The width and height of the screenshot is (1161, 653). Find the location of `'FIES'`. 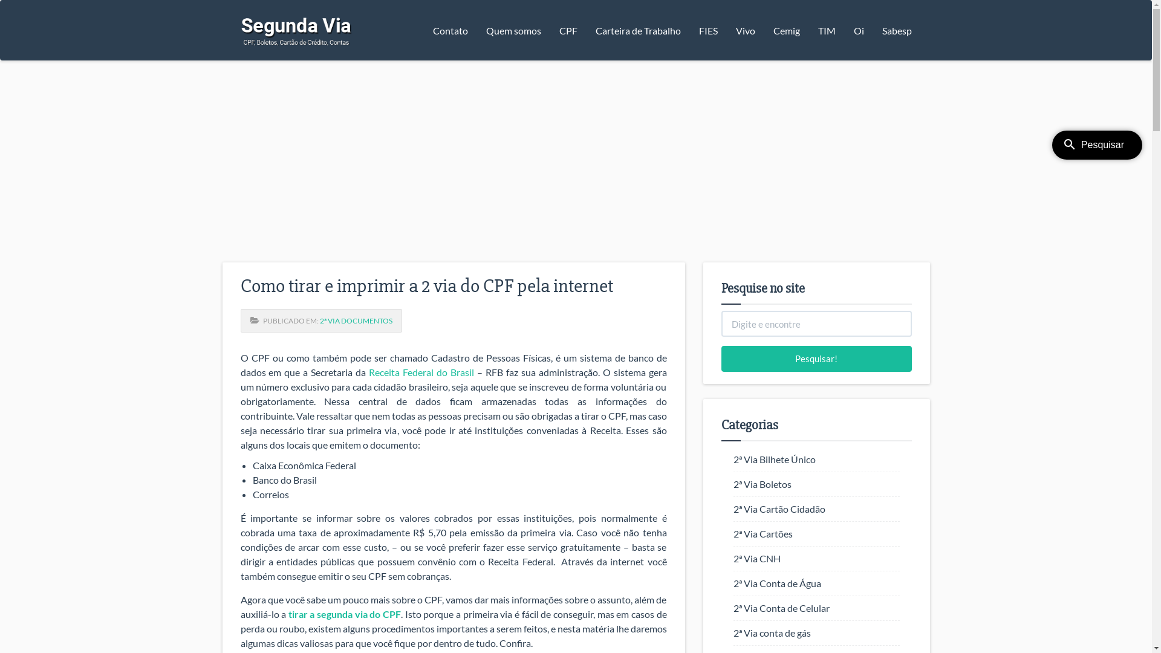

'FIES' is located at coordinates (707, 30).